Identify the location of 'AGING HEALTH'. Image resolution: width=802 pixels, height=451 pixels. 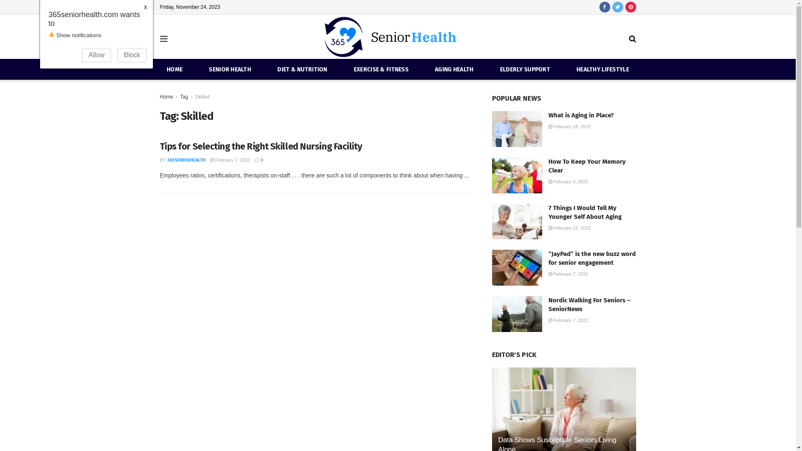
(453, 69).